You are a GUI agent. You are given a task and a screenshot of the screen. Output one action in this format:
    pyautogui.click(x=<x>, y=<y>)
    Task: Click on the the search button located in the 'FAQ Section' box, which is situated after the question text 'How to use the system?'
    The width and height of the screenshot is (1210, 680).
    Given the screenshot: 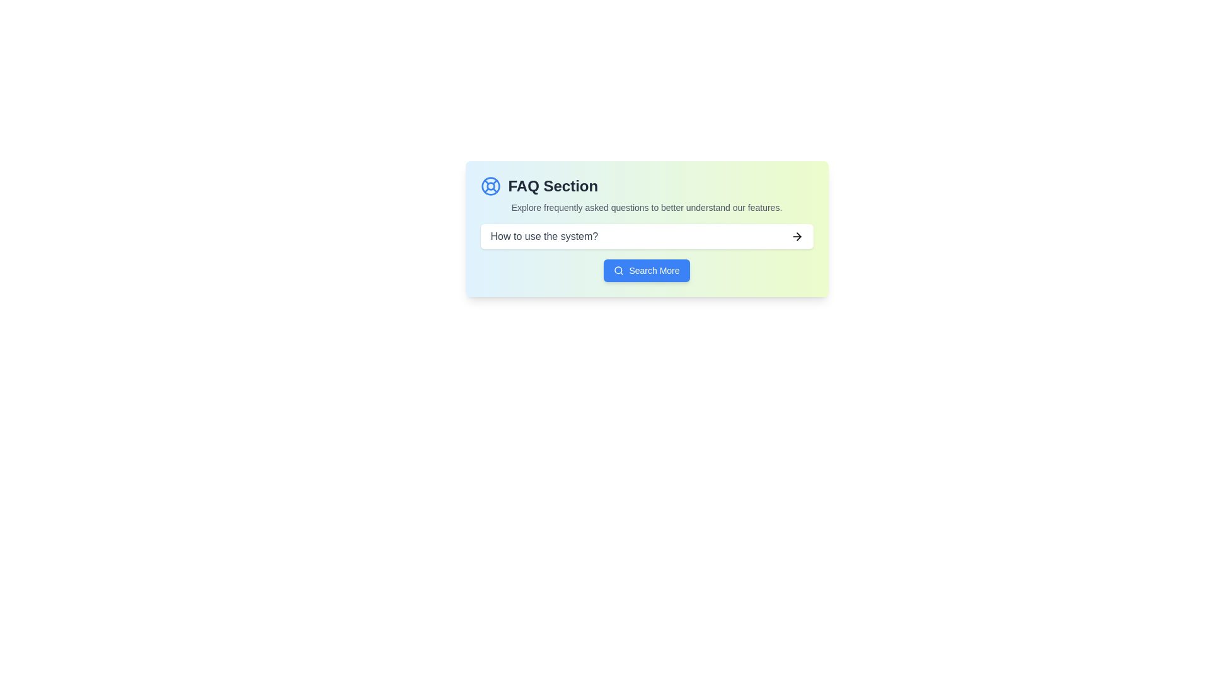 What is the action you would take?
    pyautogui.click(x=647, y=269)
    